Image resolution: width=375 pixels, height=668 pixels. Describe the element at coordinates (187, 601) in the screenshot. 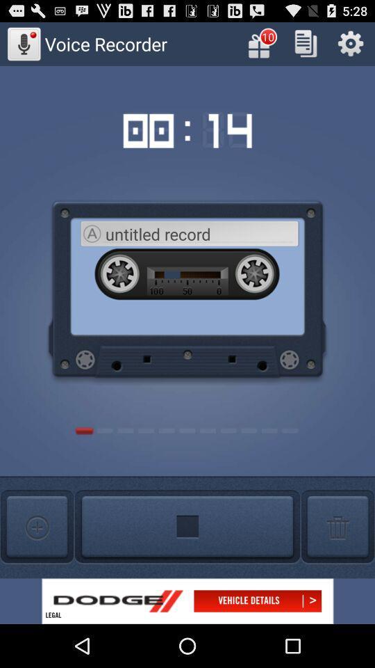

I see `app advertisement` at that location.